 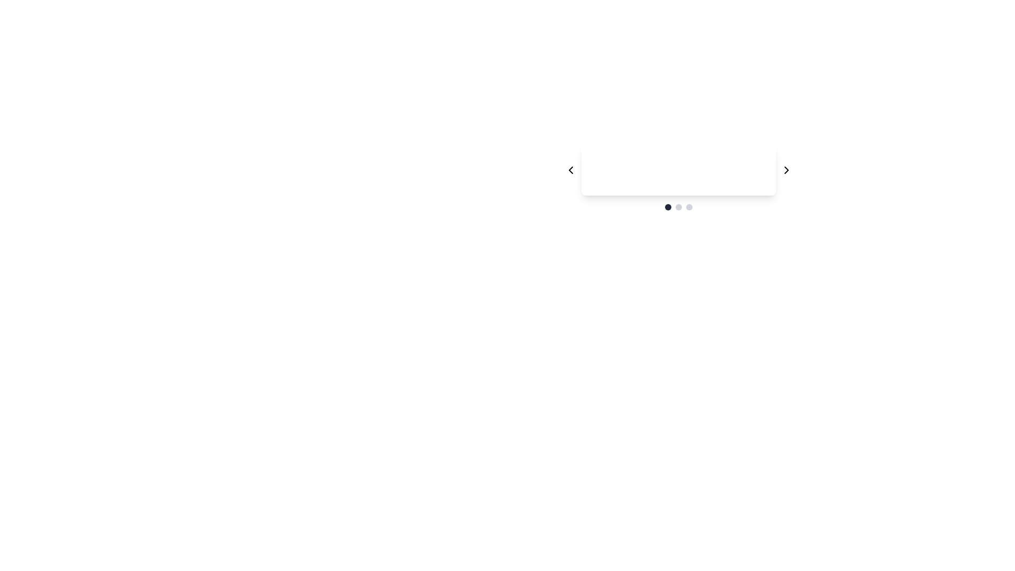 What do you see at coordinates (787, 169) in the screenshot?
I see `the right-facing chevron icon within the SVG element` at bounding box center [787, 169].